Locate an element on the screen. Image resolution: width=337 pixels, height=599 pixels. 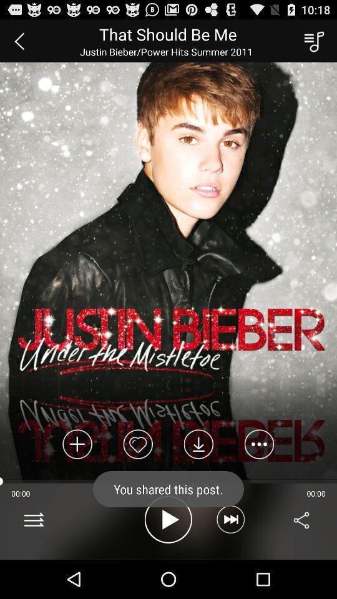
the more icon is located at coordinates (258, 475).